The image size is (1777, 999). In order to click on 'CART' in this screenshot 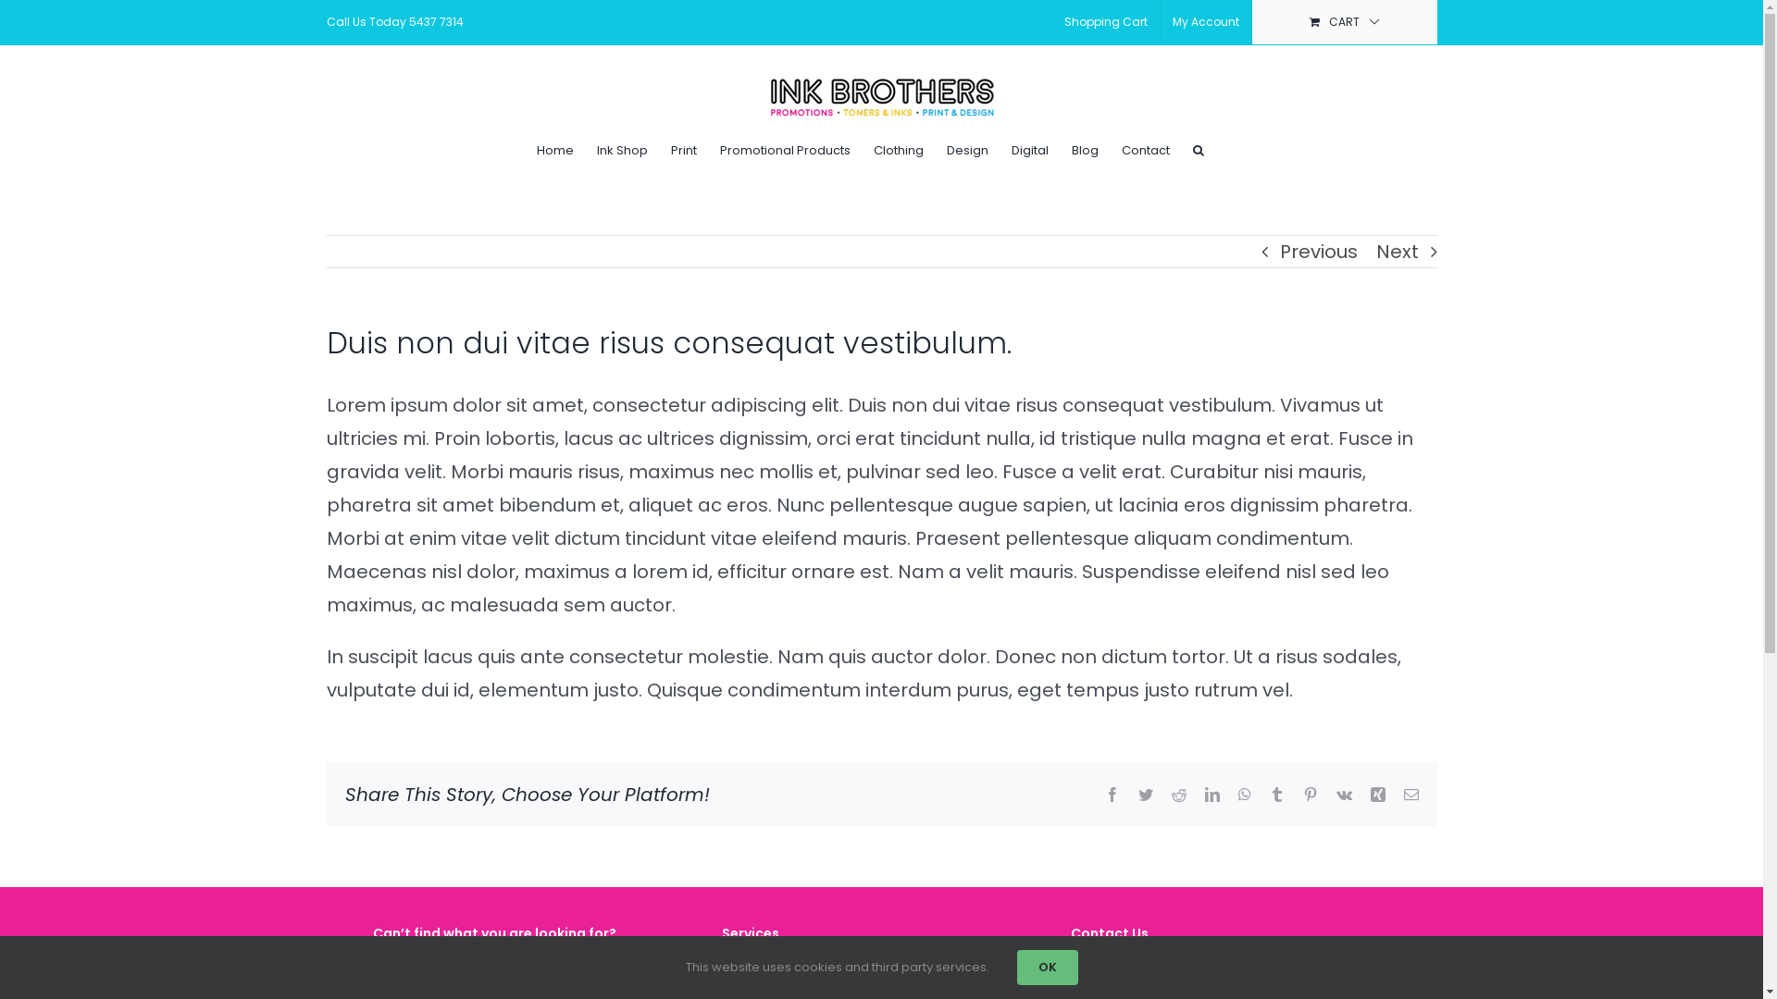, I will do `click(1344, 21)`.